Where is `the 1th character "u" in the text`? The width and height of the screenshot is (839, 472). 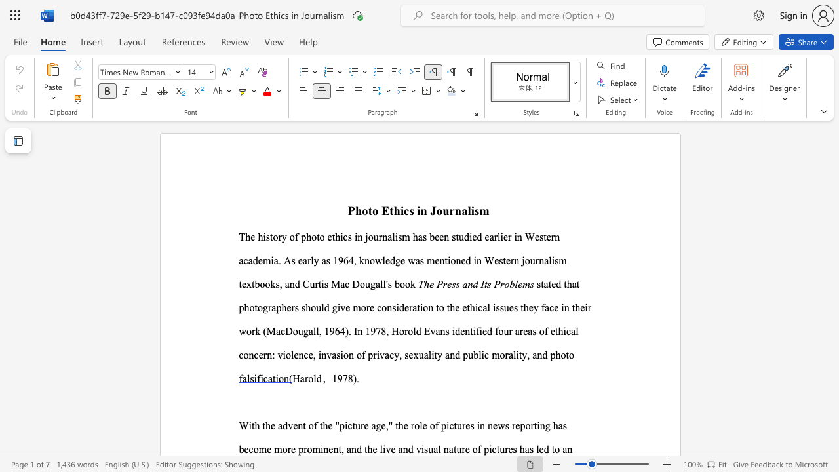
the 1th character "u" in the text is located at coordinates (446, 210).